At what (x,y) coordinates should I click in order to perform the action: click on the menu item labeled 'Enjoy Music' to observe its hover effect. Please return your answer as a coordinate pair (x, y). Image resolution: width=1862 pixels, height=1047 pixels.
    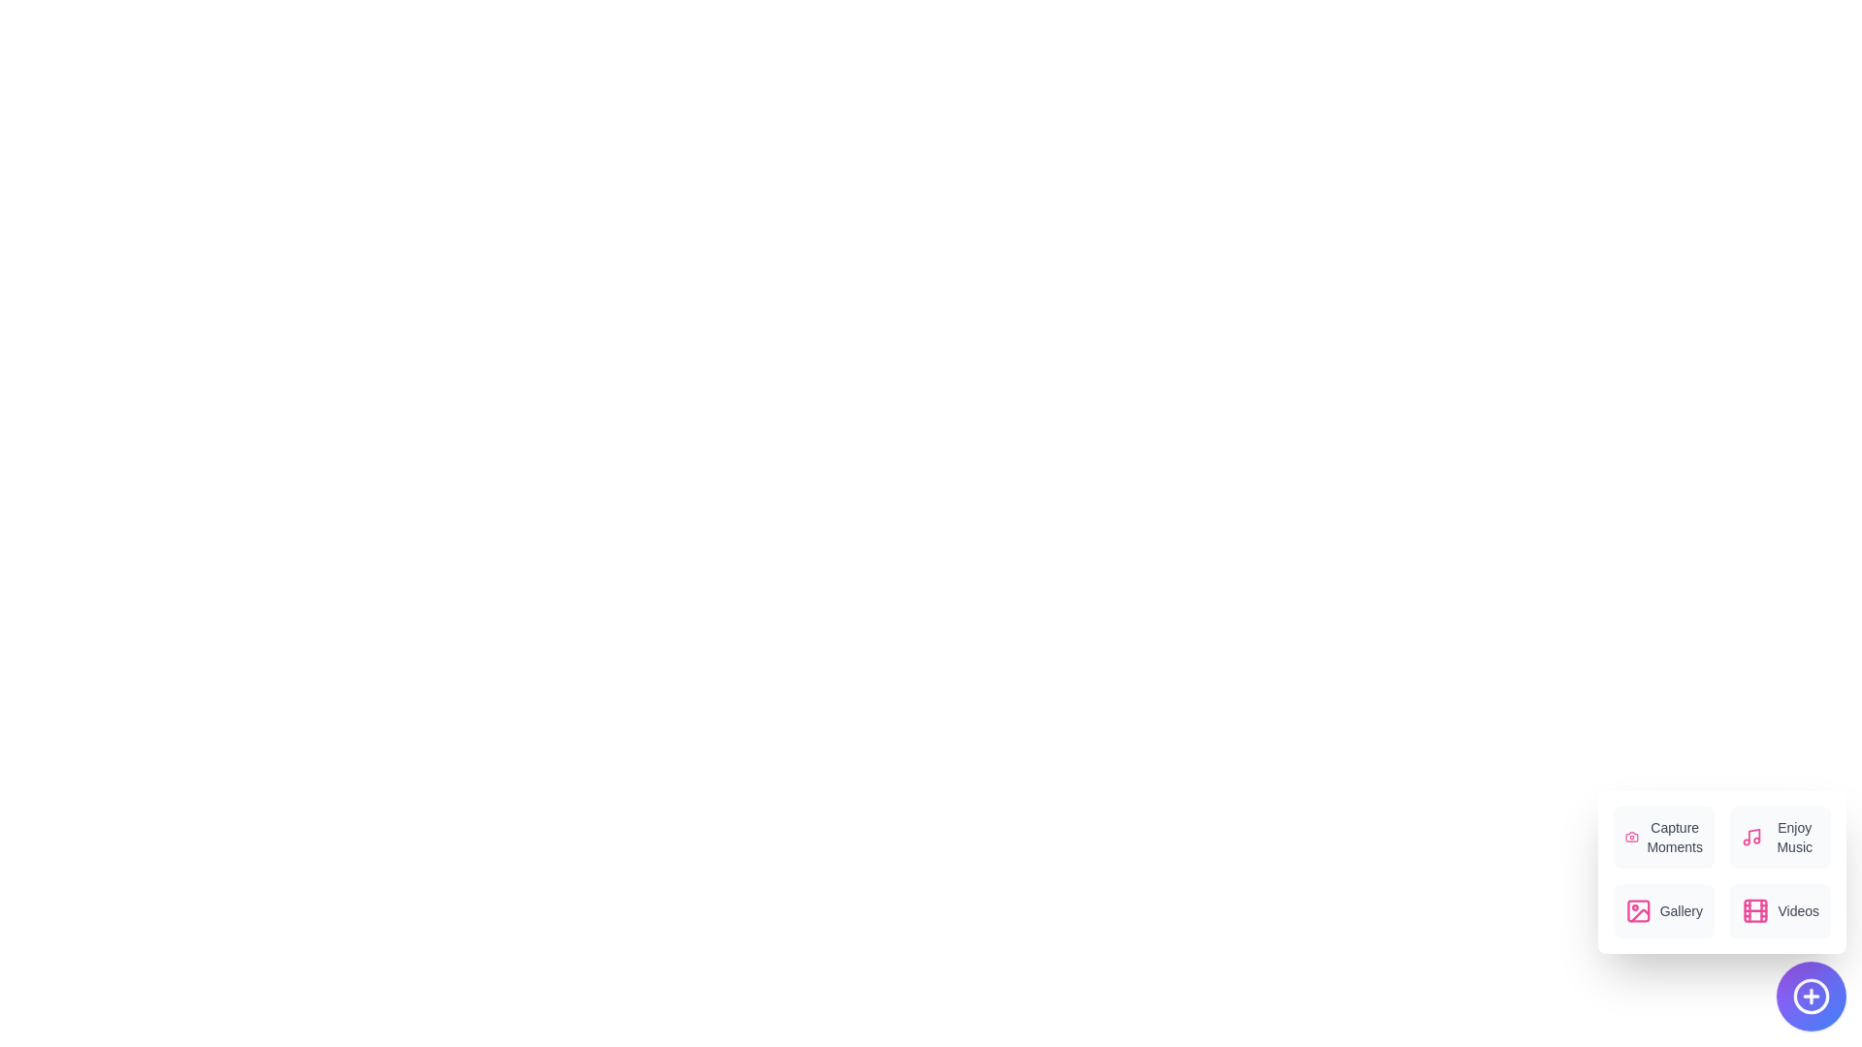
    Looking at the image, I should click on (1781, 837).